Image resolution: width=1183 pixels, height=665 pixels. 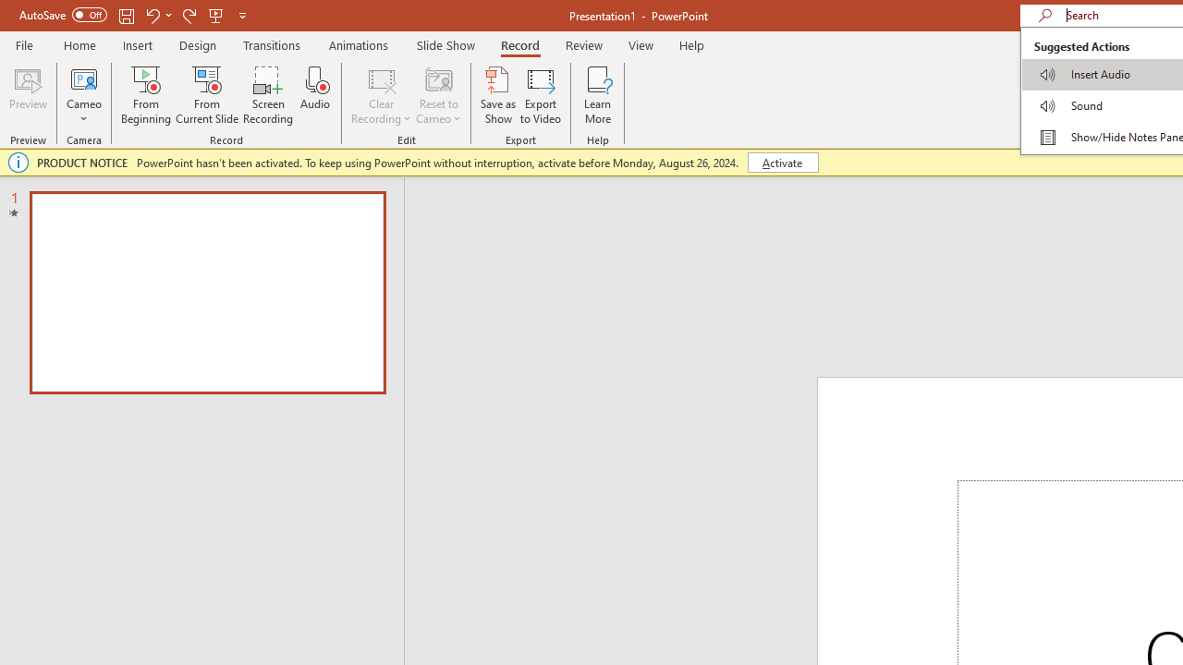 I want to click on 'Activate', so click(x=783, y=162).